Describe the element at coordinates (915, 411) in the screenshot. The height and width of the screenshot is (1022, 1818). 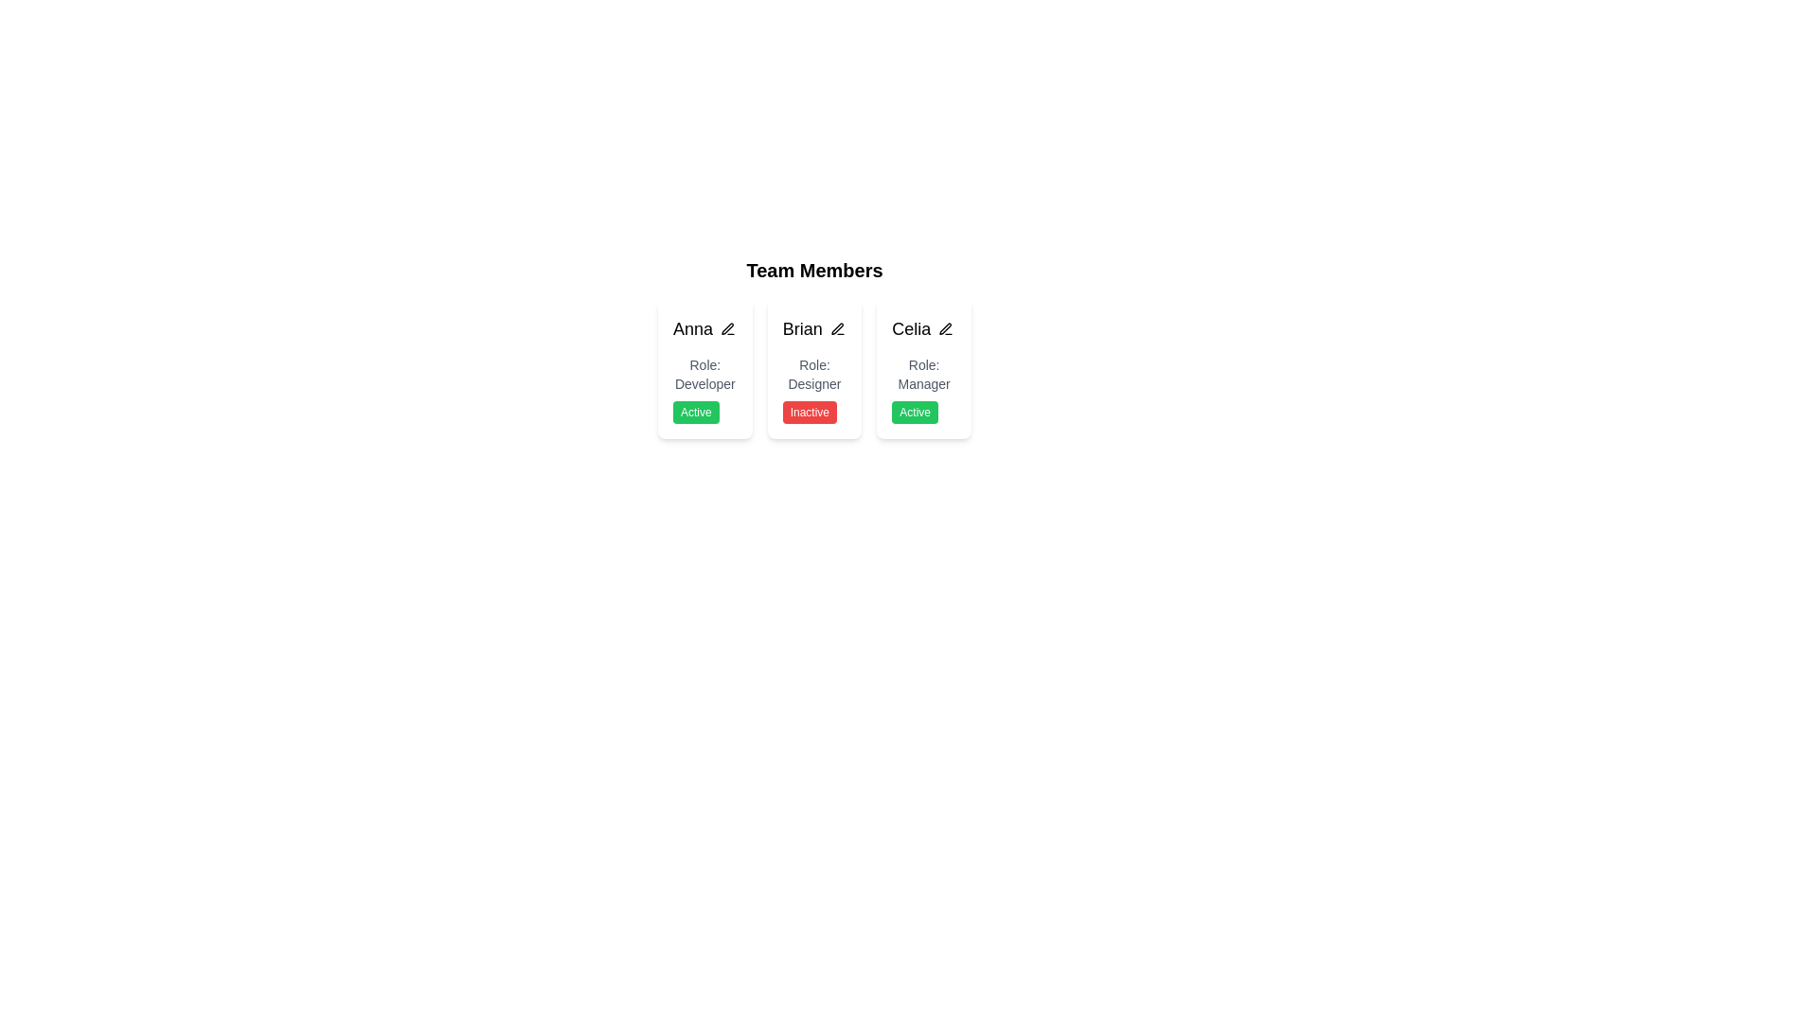
I see `the Status indicator badge that shows the current status as 'Active' for the profile labeled 'Celia' and 'Role: Manager'` at that location.